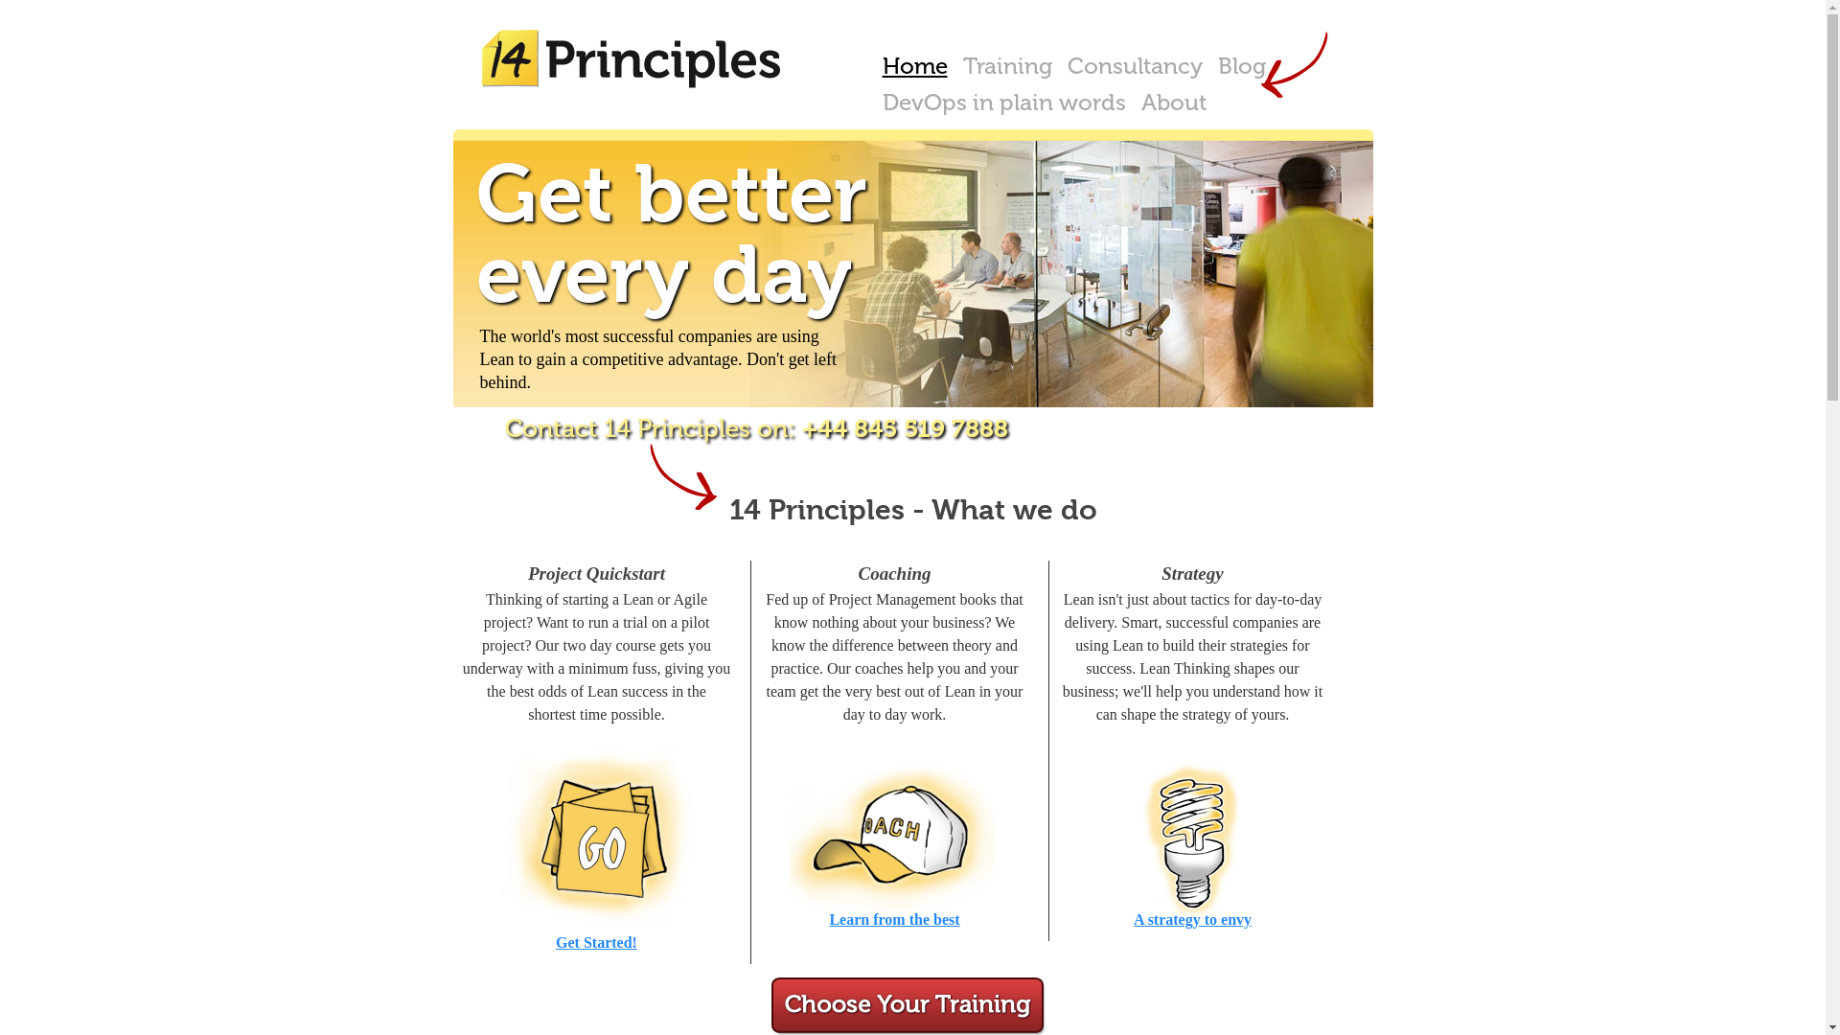 This screenshot has height=1035, width=1840. Describe the element at coordinates (913, 65) in the screenshot. I see `'Home'` at that location.